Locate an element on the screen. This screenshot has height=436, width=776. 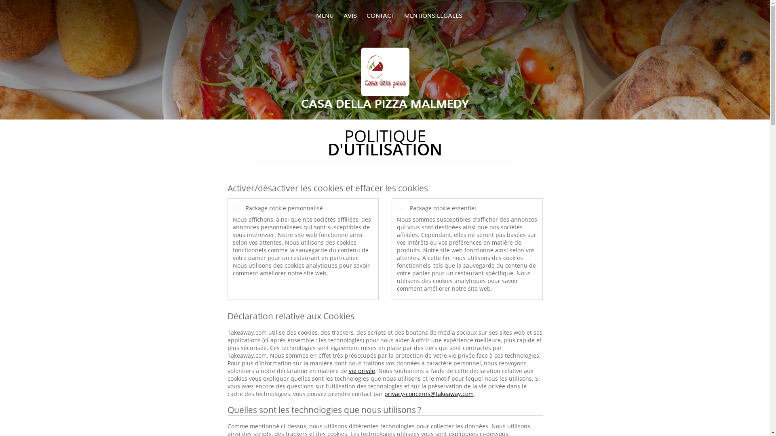
'CONTACT' is located at coordinates (380, 15).